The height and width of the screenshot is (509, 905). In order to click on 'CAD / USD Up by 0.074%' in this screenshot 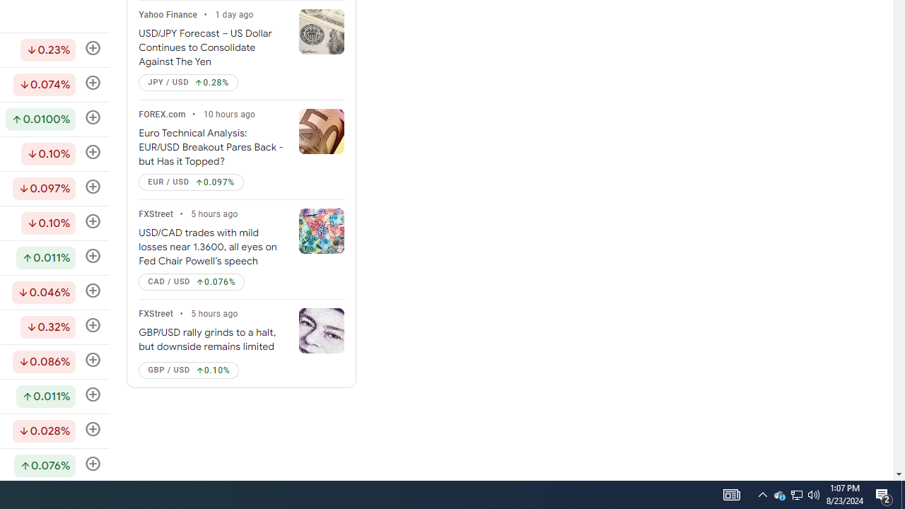, I will do `click(191, 282)`.